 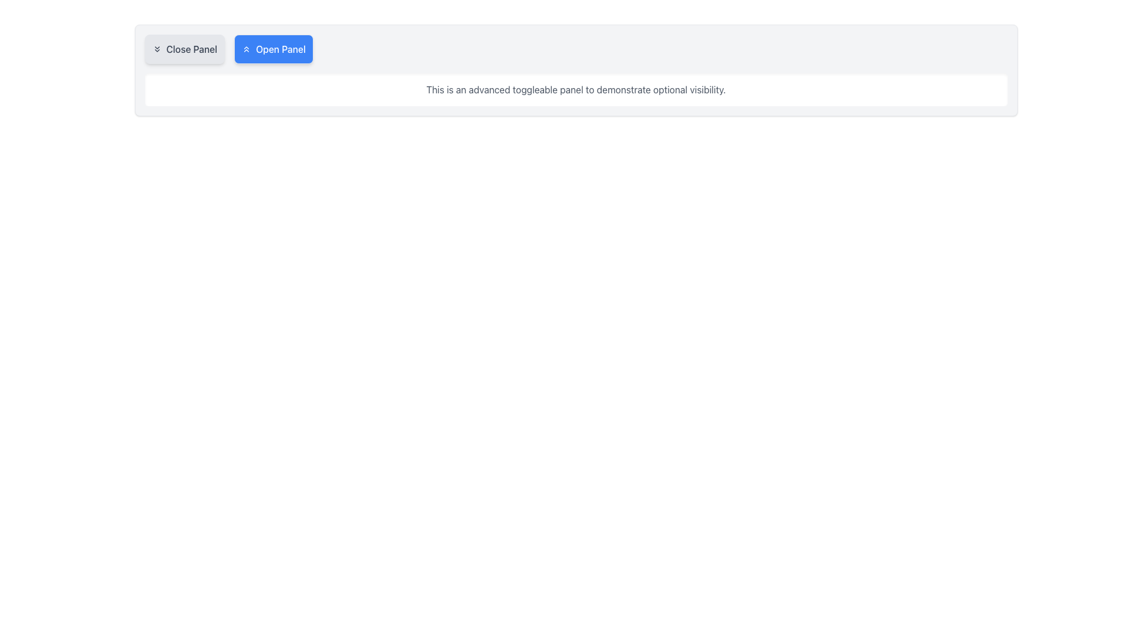 What do you see at coordinates (184, 49) in the screenshot?
I see `the close button located at the top left side of the layout, which collapses the associated panel` at bounding box center [184, 49].